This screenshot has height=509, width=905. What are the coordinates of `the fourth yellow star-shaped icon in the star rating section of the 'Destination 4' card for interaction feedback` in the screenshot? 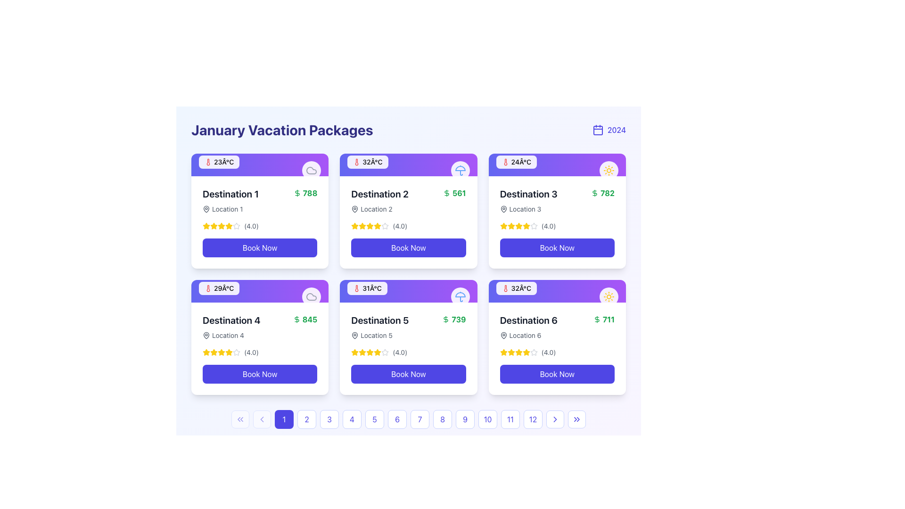 It's located at (206, 352).